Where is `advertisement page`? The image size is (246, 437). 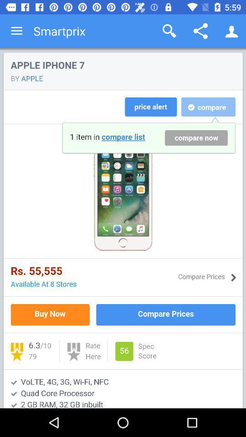
advertisement page is located at coordinates (123, 228).